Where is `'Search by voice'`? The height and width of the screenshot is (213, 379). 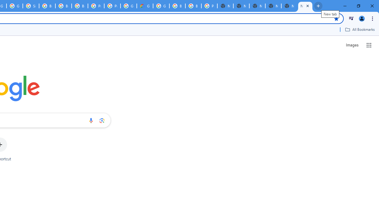 'Search by voice' is located at coordinates (91, 120).